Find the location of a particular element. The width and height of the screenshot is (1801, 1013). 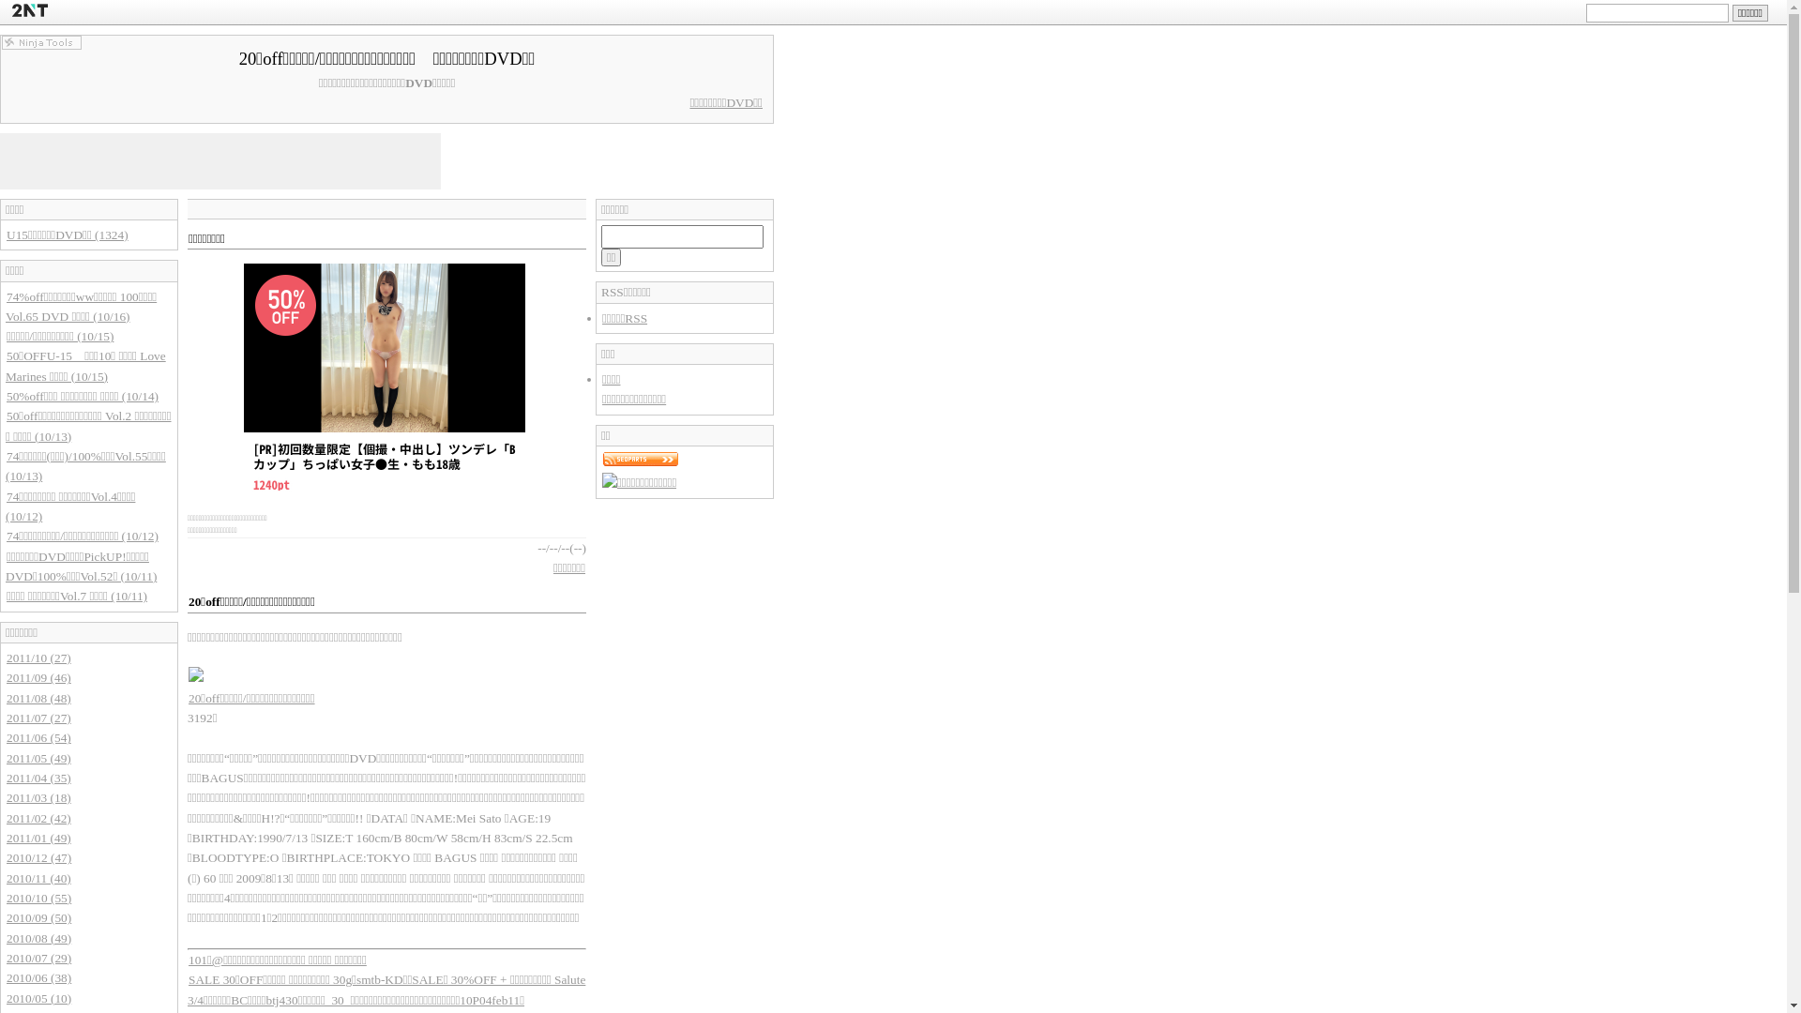

'2010/08 (49)' is located at coordinates (38, 938).